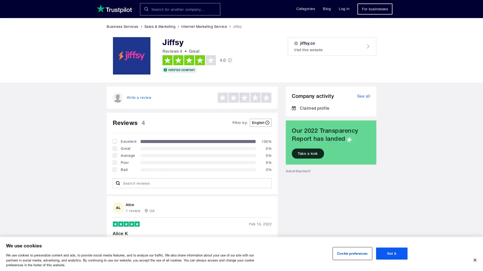 The height and width of the screenshot is (271, 483). Describe the element at coordinates (474, 260) in the screenshot. I see `Close` at that location.